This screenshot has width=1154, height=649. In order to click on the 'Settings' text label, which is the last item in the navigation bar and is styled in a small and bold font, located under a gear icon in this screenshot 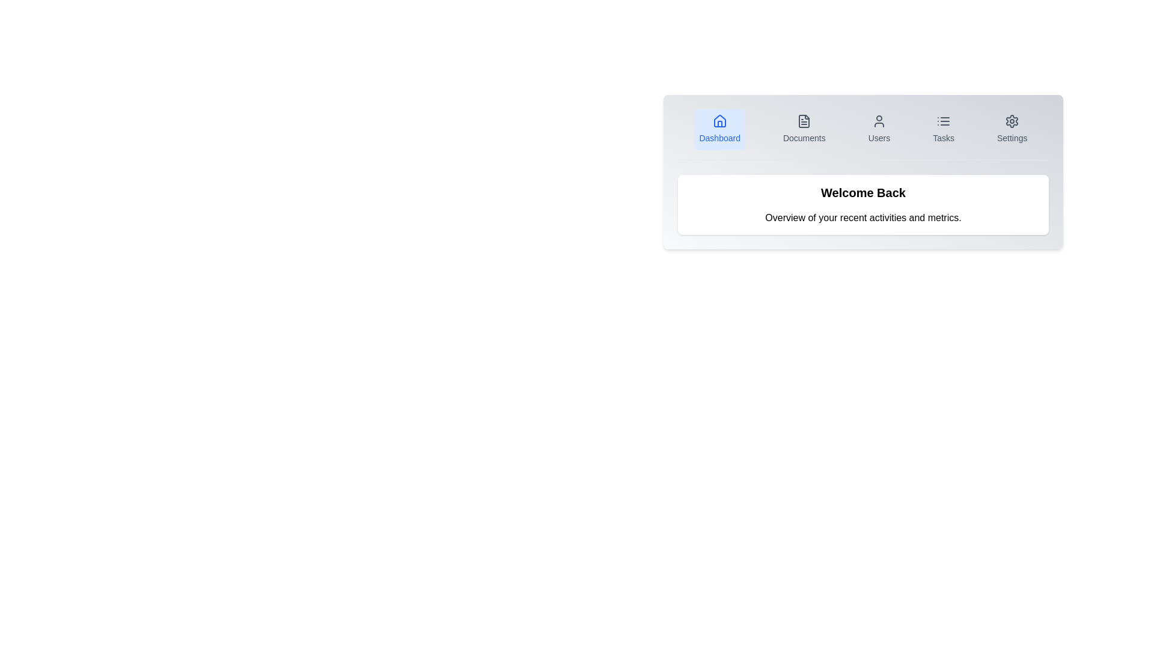, I will do `click(1012, 138)`.